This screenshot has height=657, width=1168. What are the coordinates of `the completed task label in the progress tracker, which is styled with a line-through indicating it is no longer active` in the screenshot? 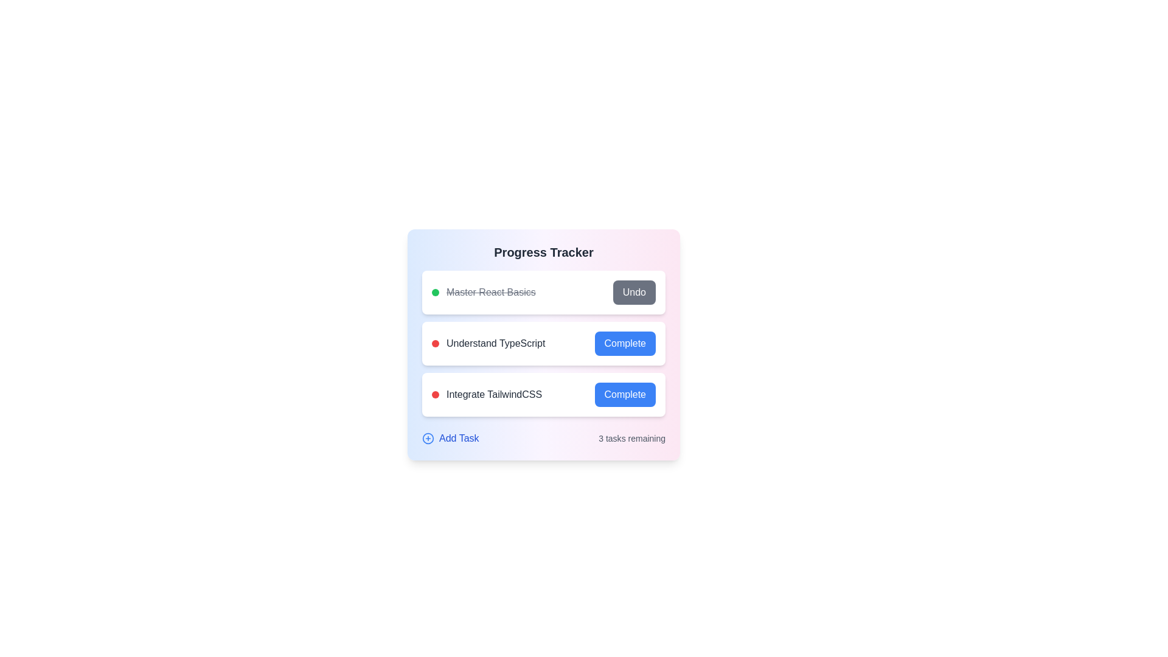 It's located at (491, 293).